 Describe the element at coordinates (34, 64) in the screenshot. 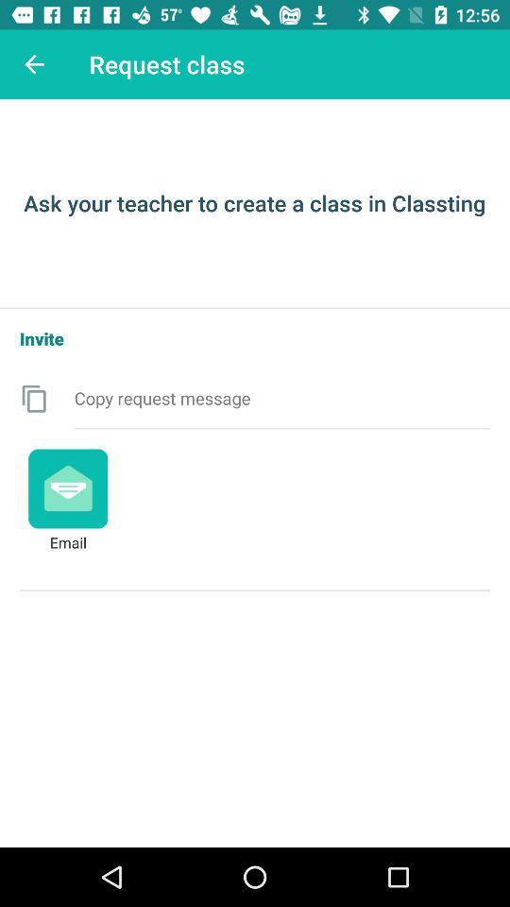

I see `the item above ask your teacher` at that location.